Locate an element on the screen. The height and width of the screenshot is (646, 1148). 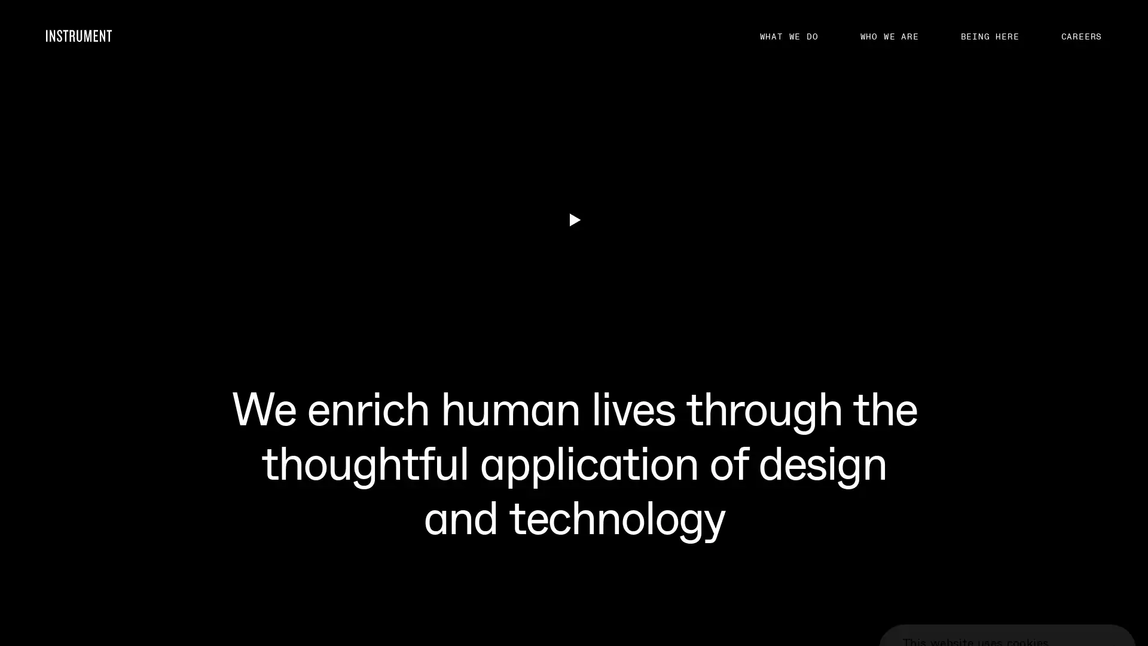
Play/pause inline video is located at coordinates (45, 220).